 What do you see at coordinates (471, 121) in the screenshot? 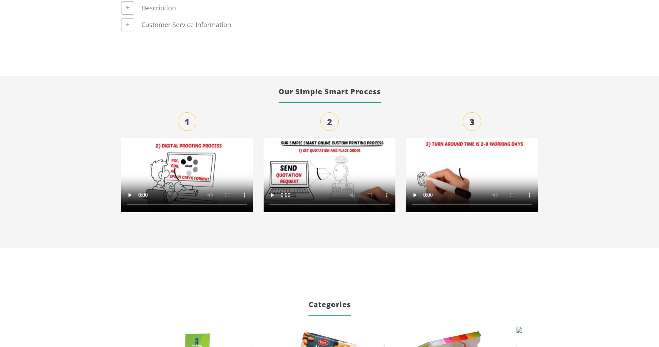
I see `'3'` at bounding box center [471, 121].